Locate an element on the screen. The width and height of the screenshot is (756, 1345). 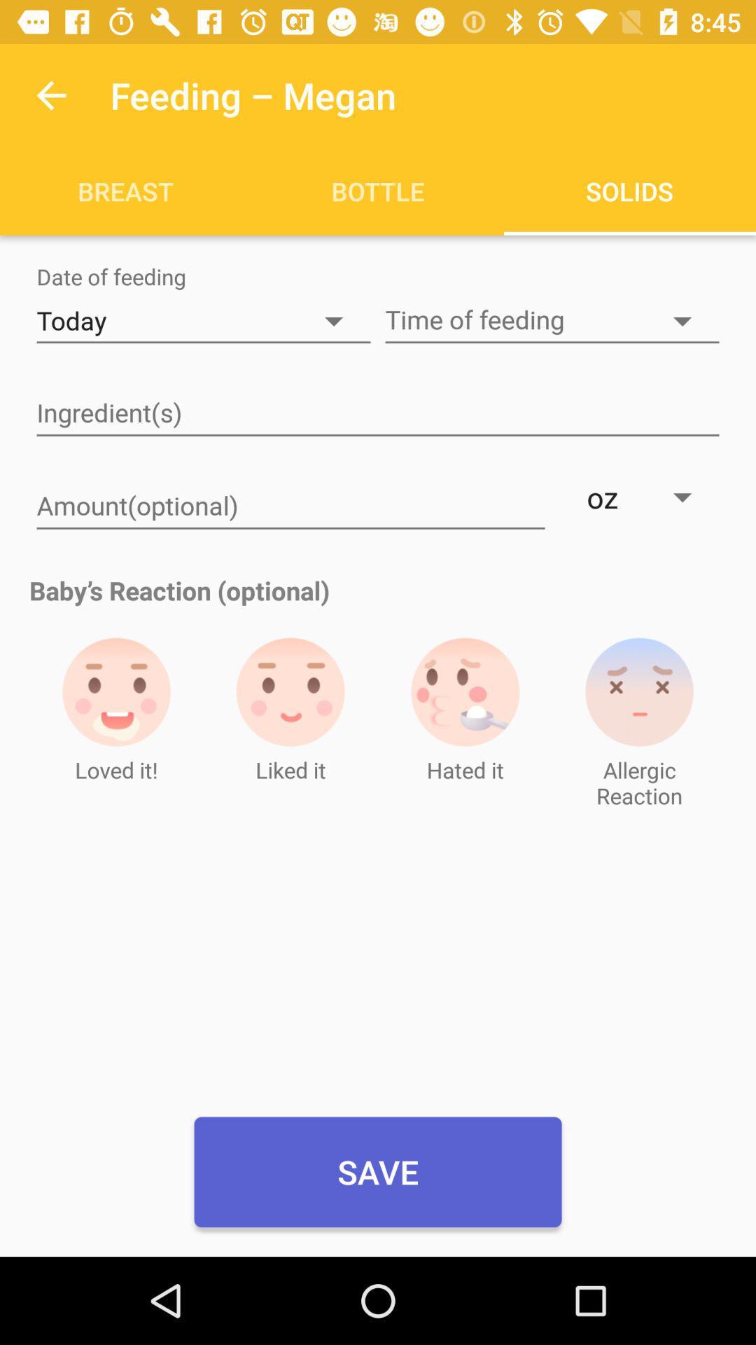
type ingredients is located at coordinates (378, 413).